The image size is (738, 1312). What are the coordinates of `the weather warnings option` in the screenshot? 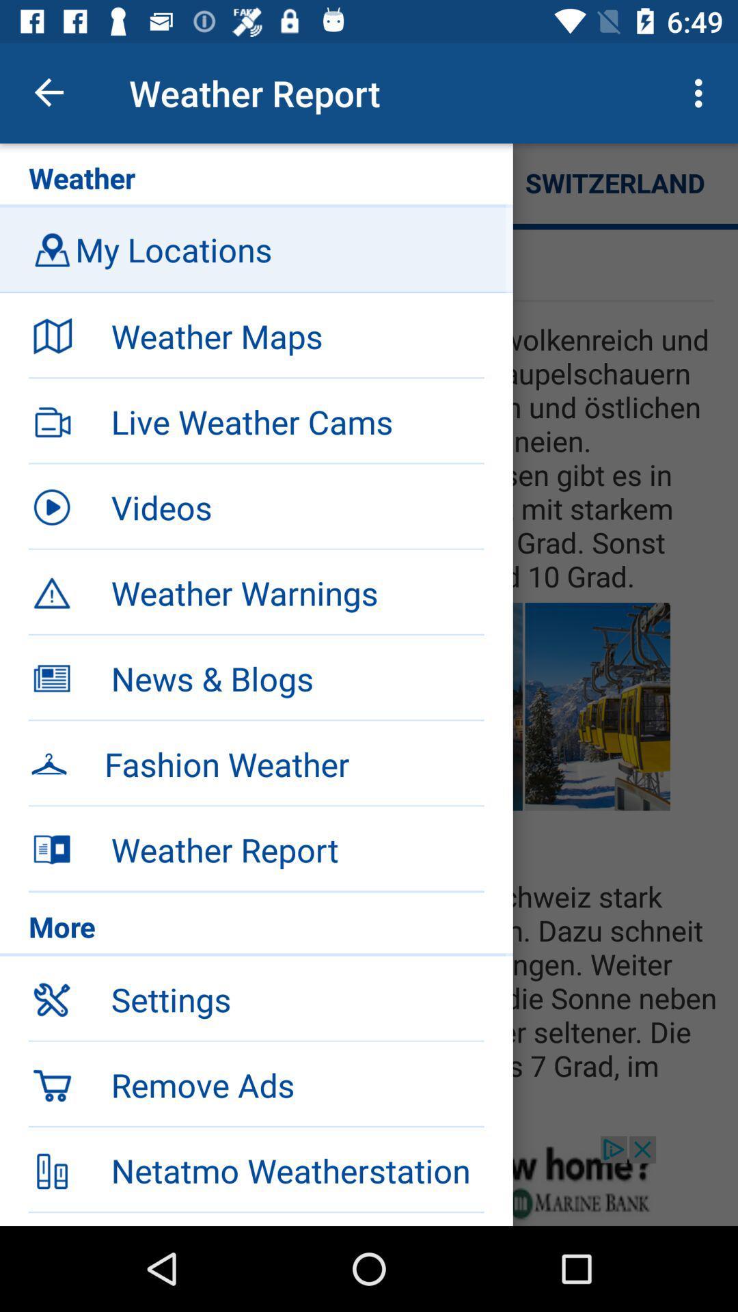 It's located at (51, 592).